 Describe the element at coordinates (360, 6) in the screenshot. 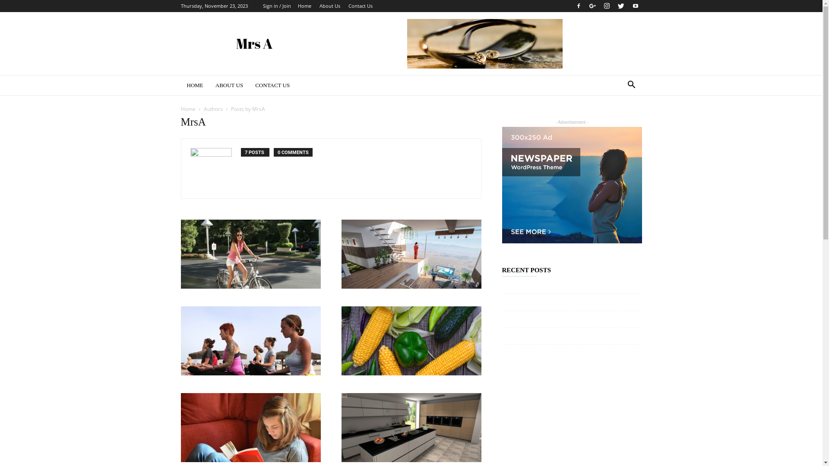

I see `'Contact Us'` at that location.